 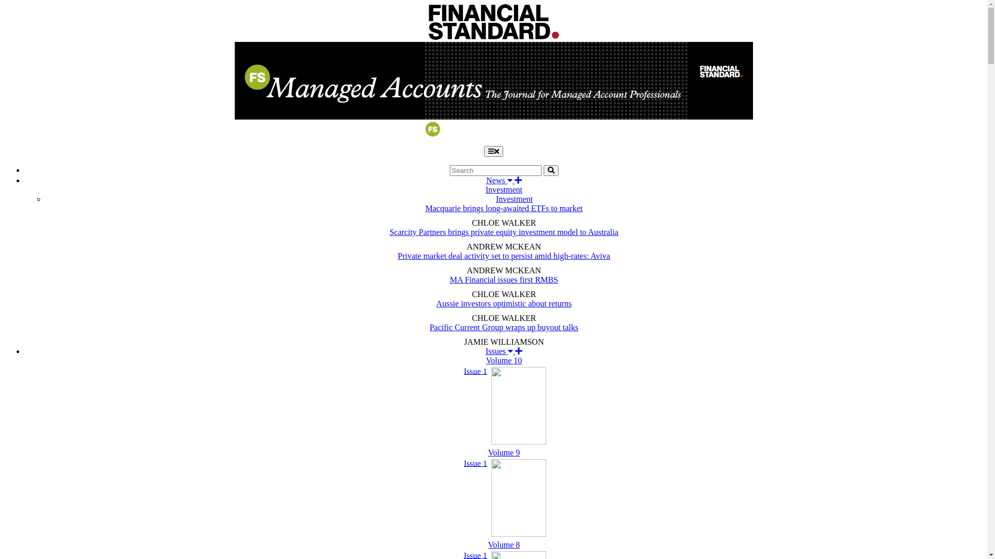 What do you see at coordinates (504, 452) in the screenshot?
I see `'Volume 9'` at bounding box center [504, 452].